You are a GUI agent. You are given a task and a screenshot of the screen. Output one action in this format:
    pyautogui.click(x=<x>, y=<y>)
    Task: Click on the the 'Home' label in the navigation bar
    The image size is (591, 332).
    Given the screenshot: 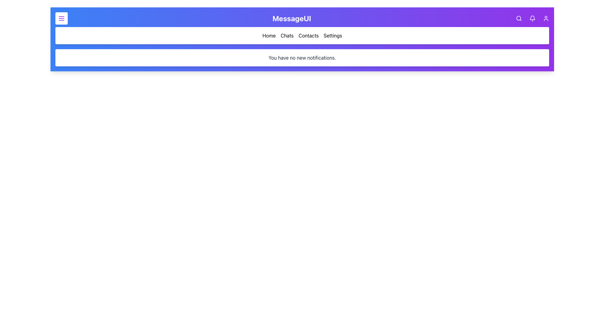 What is the action you would take?
    pyautogui.click(x=269, y=35)
    